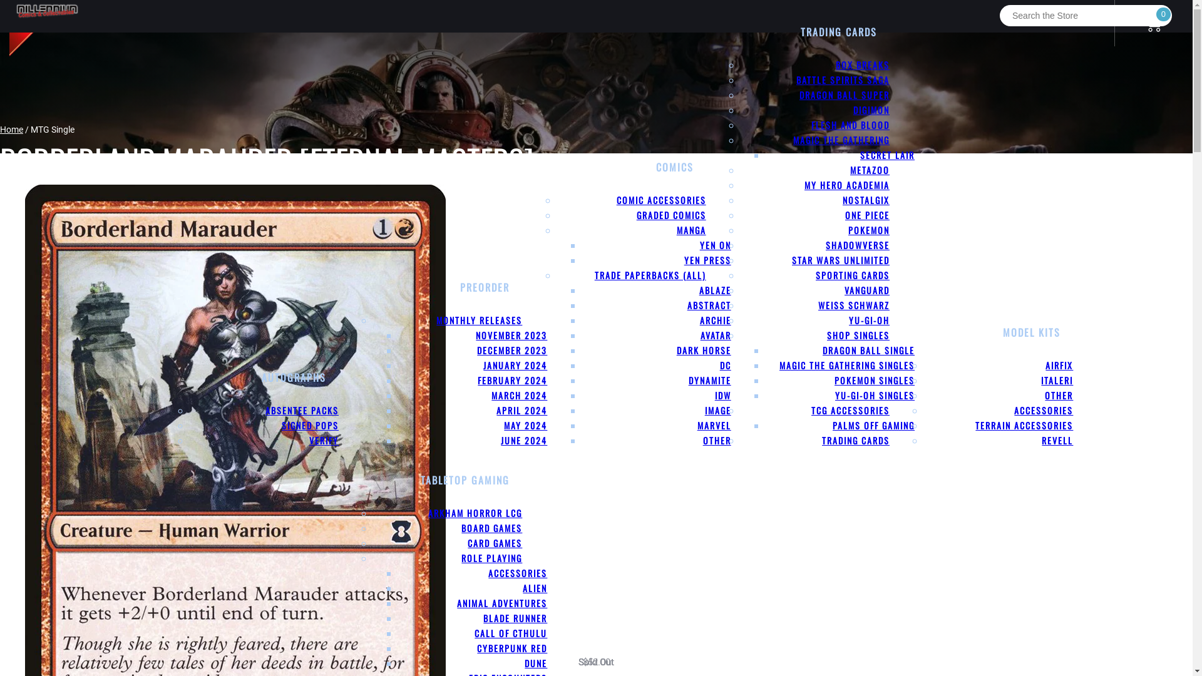 The image size is (1202, 676). I want to click on 'COMICS', so click(675, 166).